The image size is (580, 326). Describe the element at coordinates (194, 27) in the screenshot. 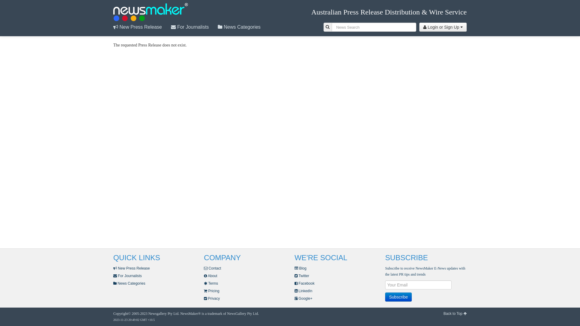

I see `'For Journalists'` at that location.